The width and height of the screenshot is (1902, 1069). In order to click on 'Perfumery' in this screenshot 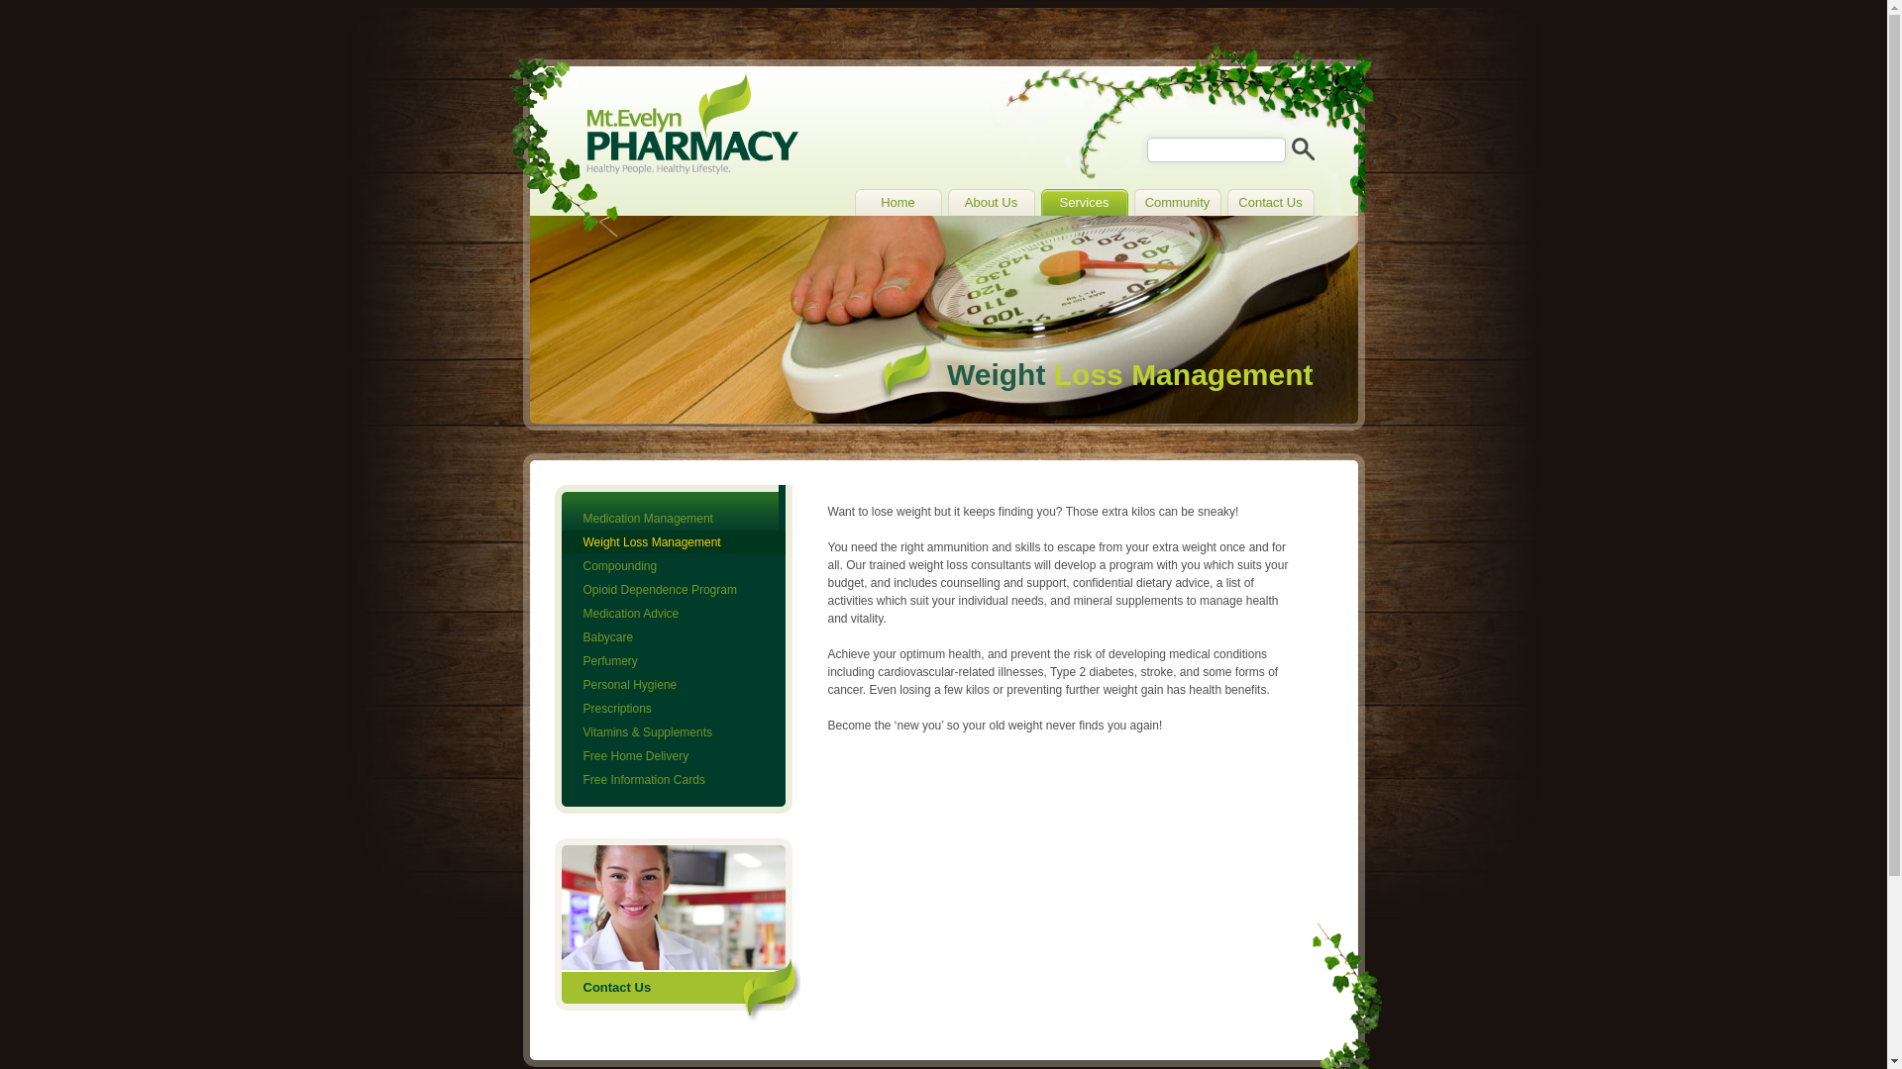, I will do `click(672, 660)`.